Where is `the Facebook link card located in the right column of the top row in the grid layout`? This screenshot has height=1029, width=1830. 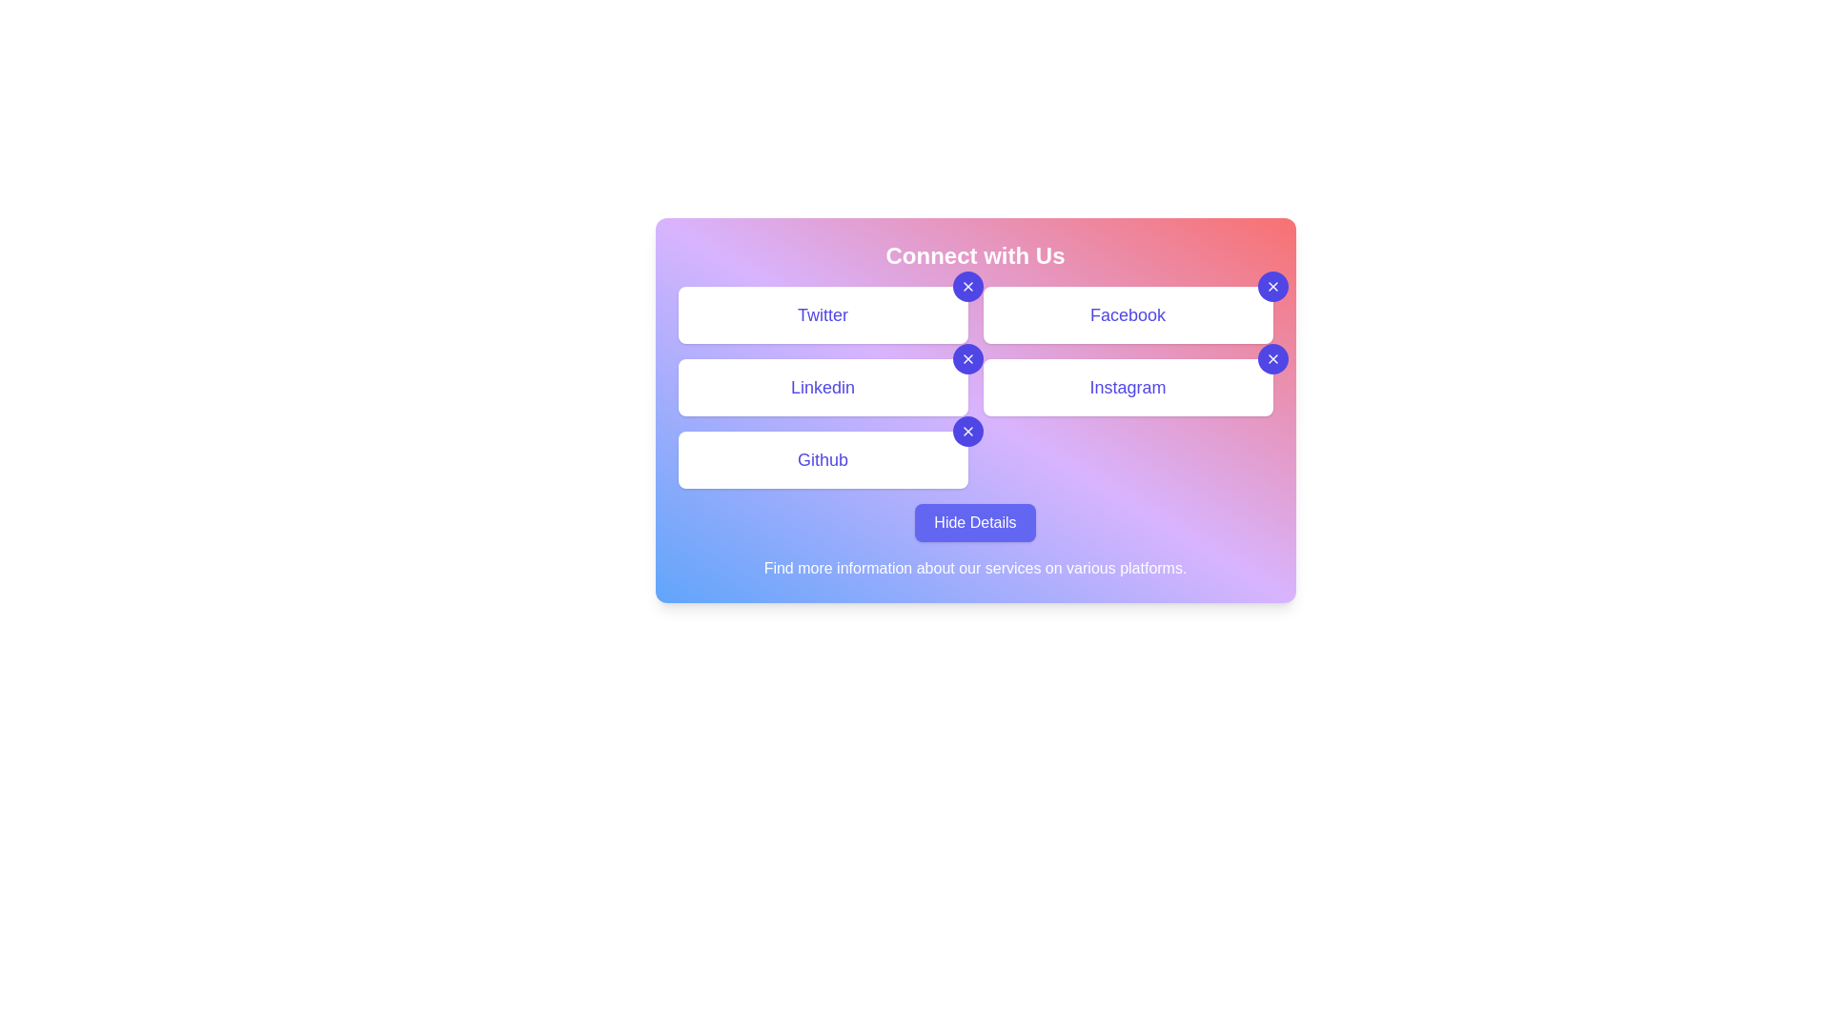 the Facebook link card located in the right column of the top row in the grid layout is located at coordinates (1128, 314).